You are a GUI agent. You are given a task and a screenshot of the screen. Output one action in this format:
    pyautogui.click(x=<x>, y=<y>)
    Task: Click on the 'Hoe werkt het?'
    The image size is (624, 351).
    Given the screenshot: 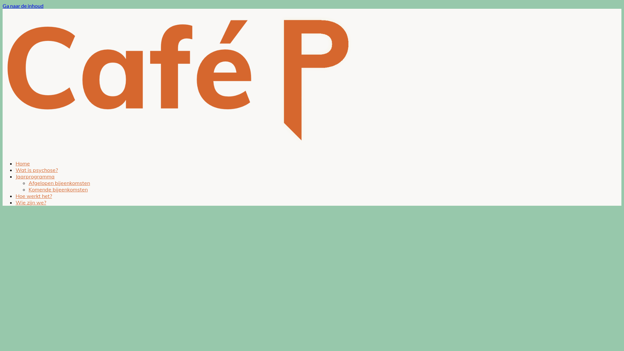 What is the action you would take?
    pyautogui.click(x=33, y=195)
    